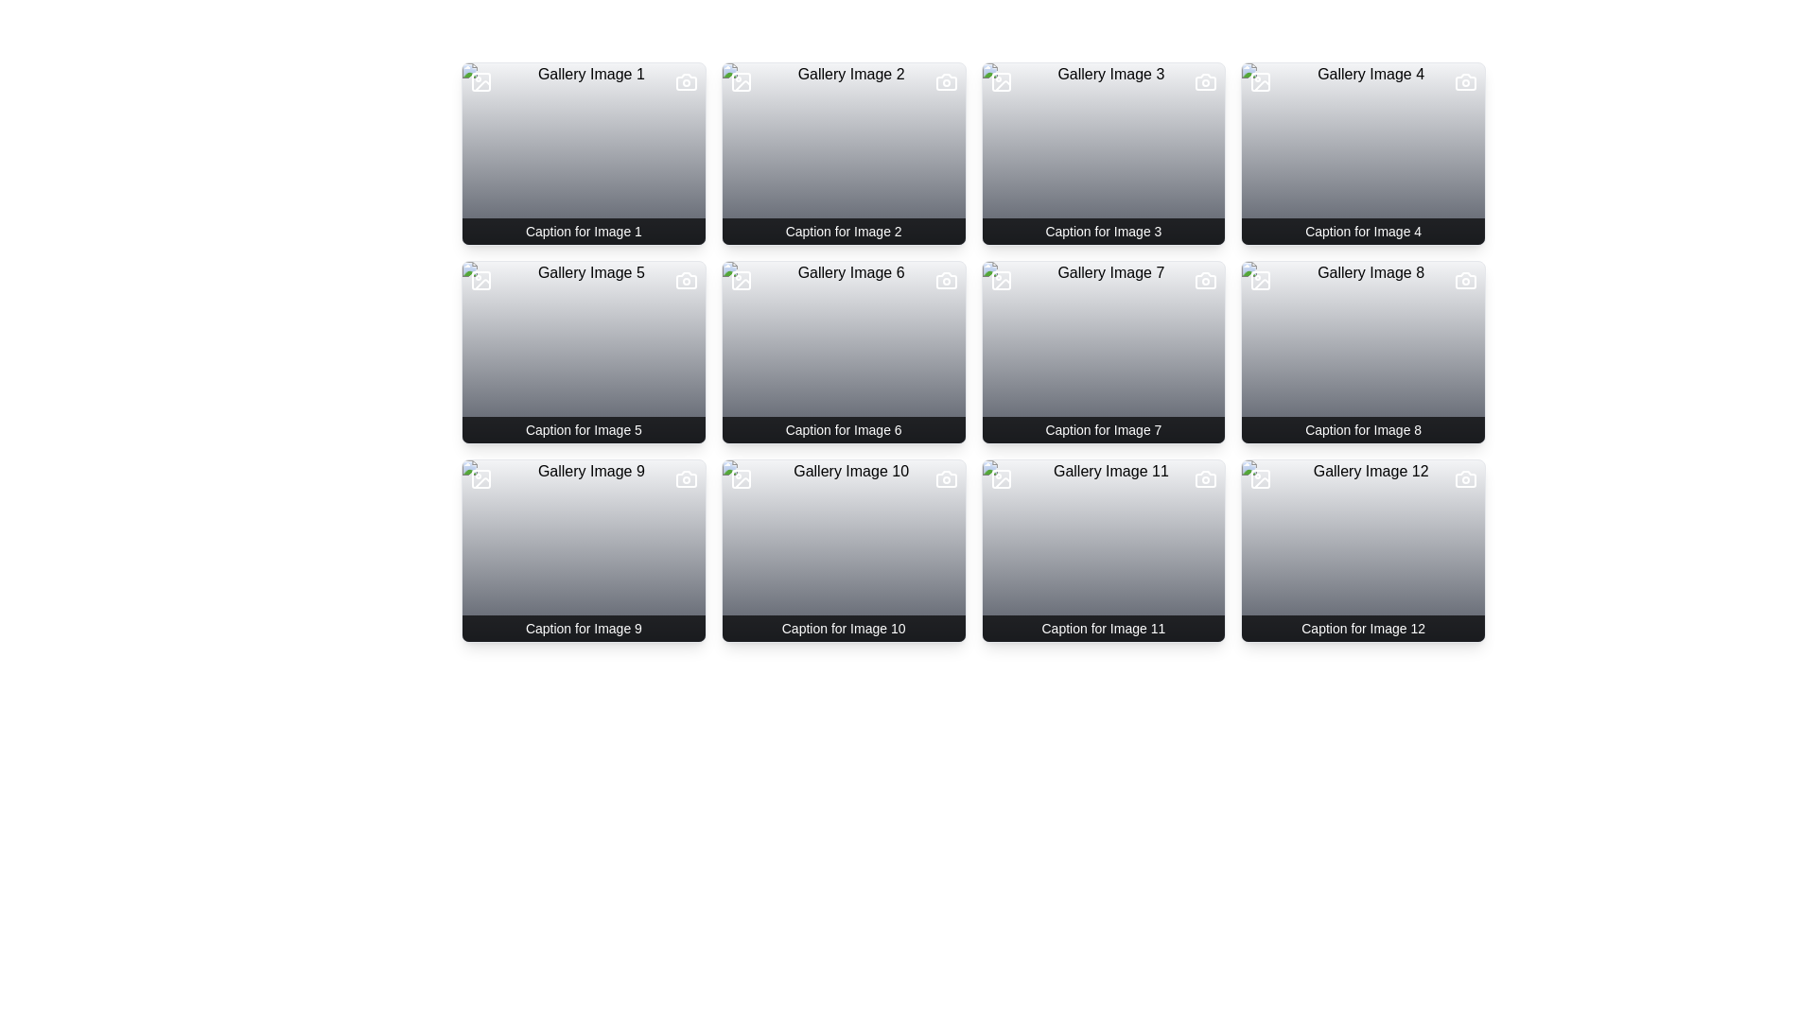 This screenshot has width=1816, height=1021. I want to click on the gradient overlay that fully covers the first image card in a 4x3 grid layout, enhancing the visual effect while keeping the underlying content readable, so click(583, 152).